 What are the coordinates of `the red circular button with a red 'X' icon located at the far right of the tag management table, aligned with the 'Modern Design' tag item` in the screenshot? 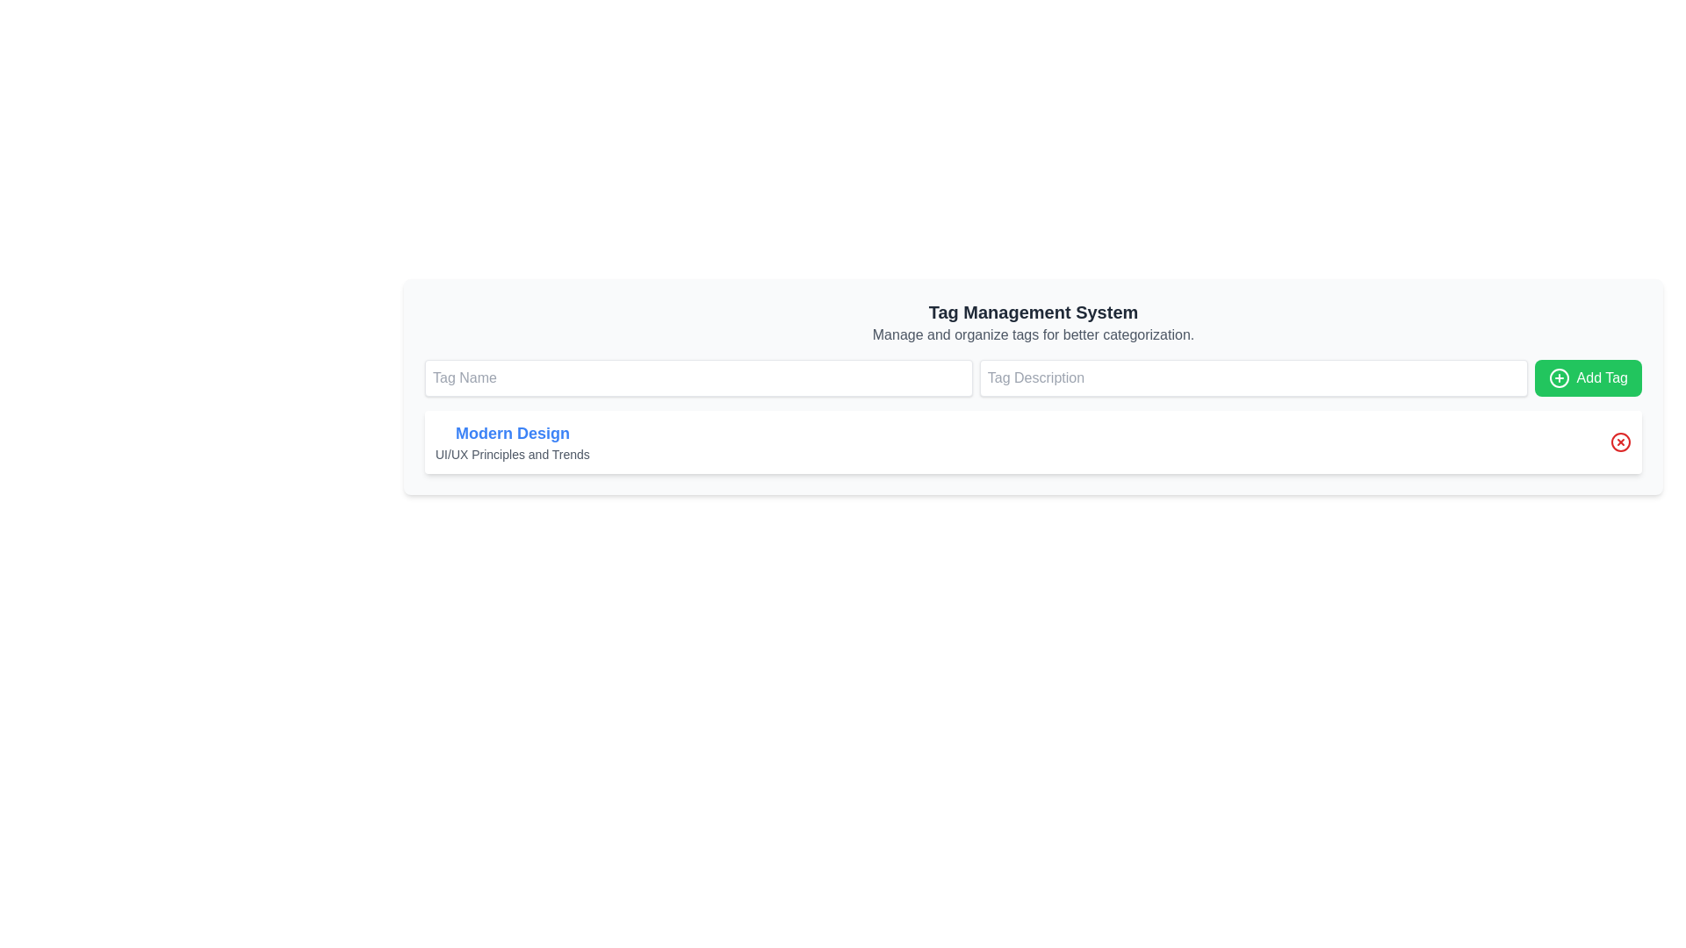 It's located at (1620, 442).